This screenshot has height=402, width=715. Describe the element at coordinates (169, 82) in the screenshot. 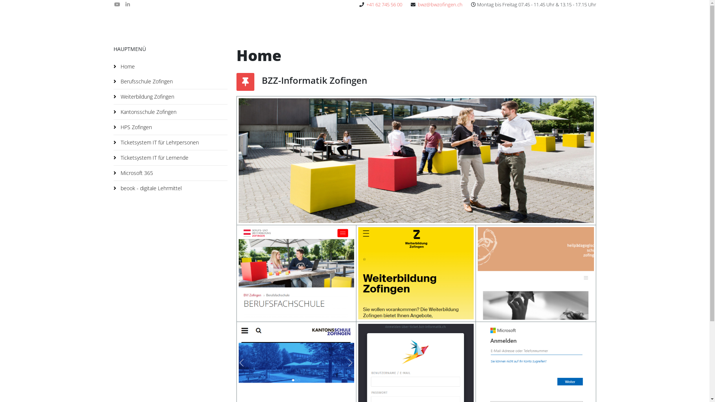

I see `'Berufsschule Zofingen'` at that location.